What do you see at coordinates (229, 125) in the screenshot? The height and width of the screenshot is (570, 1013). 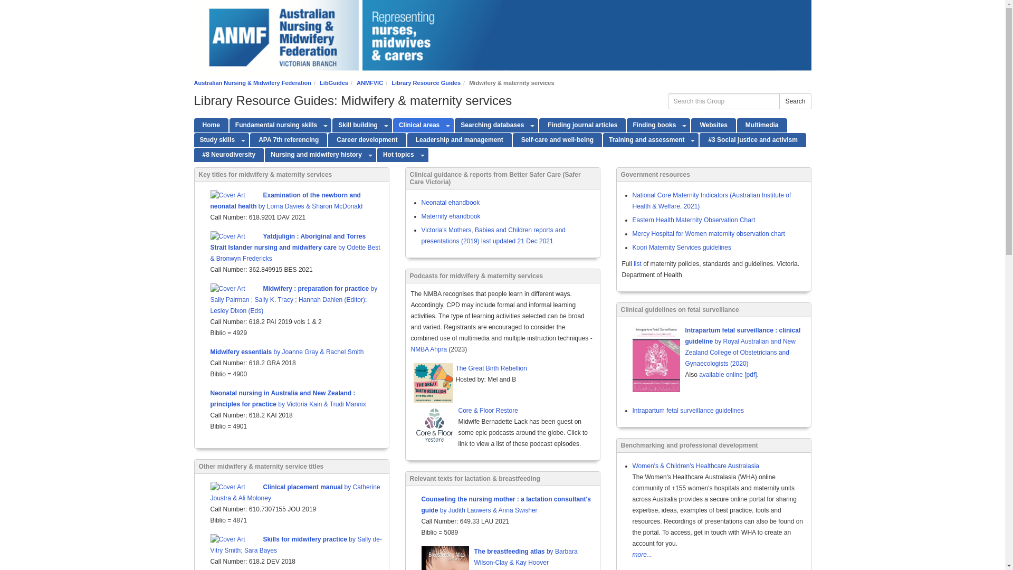 I see `'Fundamental nursing skills'` at bounding box center [229, 125].